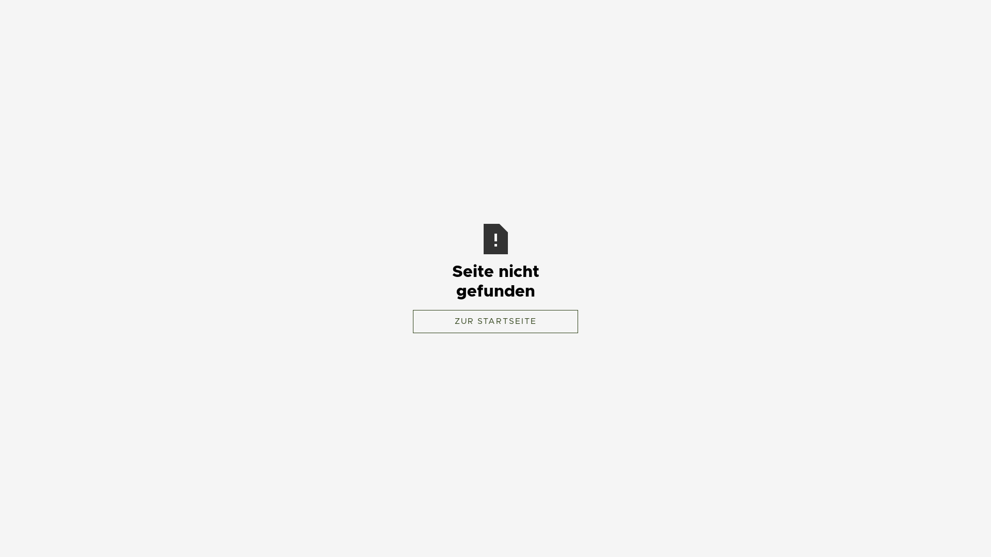  I want to click on 'ZUR STARTSEITE', so click(495, 321).